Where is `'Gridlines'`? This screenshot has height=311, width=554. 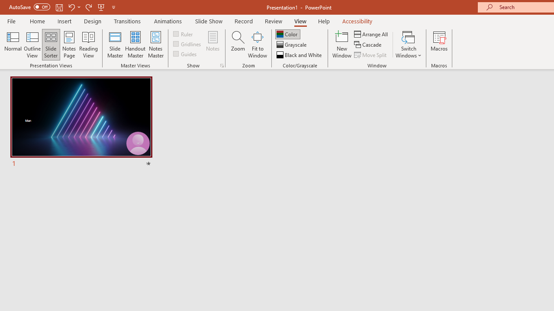
'Gridlines' is located at coordinates (187, 44).